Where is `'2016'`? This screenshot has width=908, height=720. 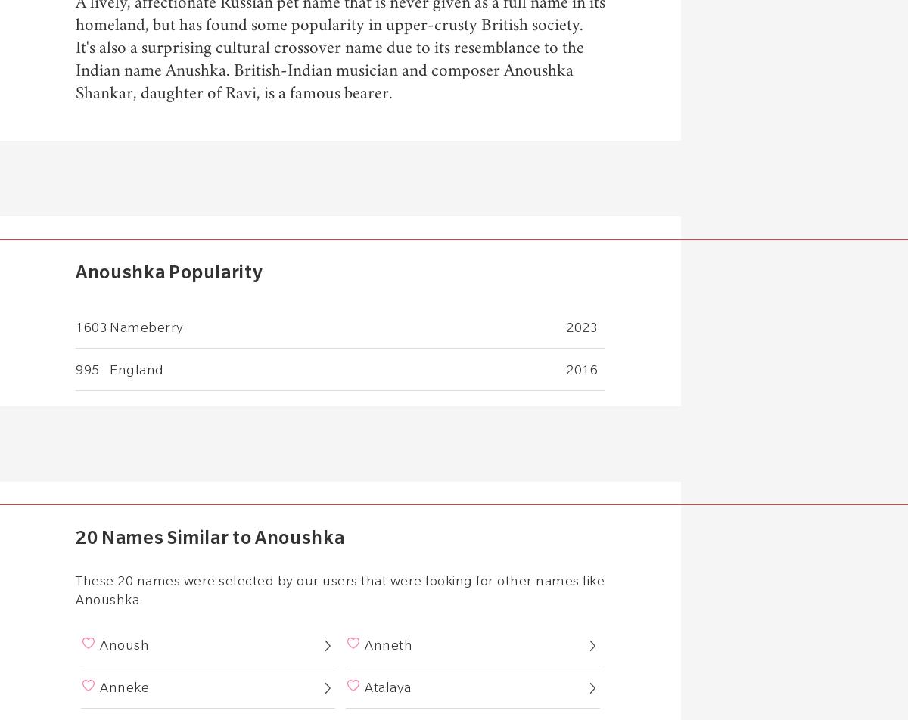 '2016' is located at coordinates (580, 368).